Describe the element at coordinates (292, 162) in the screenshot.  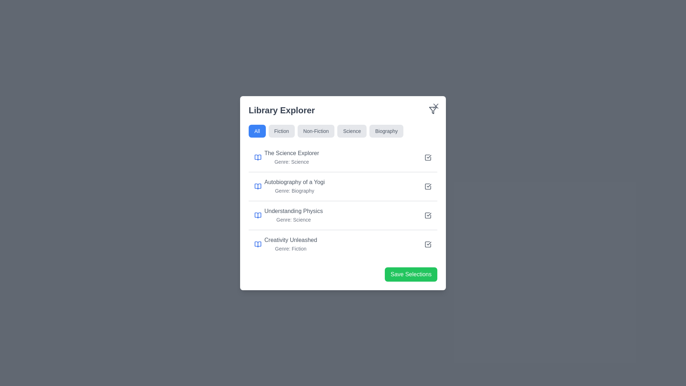
I see `text label displaying 'Genre: Science' which is styled in gray and positioned below 'The Science Explorer'` at that location.